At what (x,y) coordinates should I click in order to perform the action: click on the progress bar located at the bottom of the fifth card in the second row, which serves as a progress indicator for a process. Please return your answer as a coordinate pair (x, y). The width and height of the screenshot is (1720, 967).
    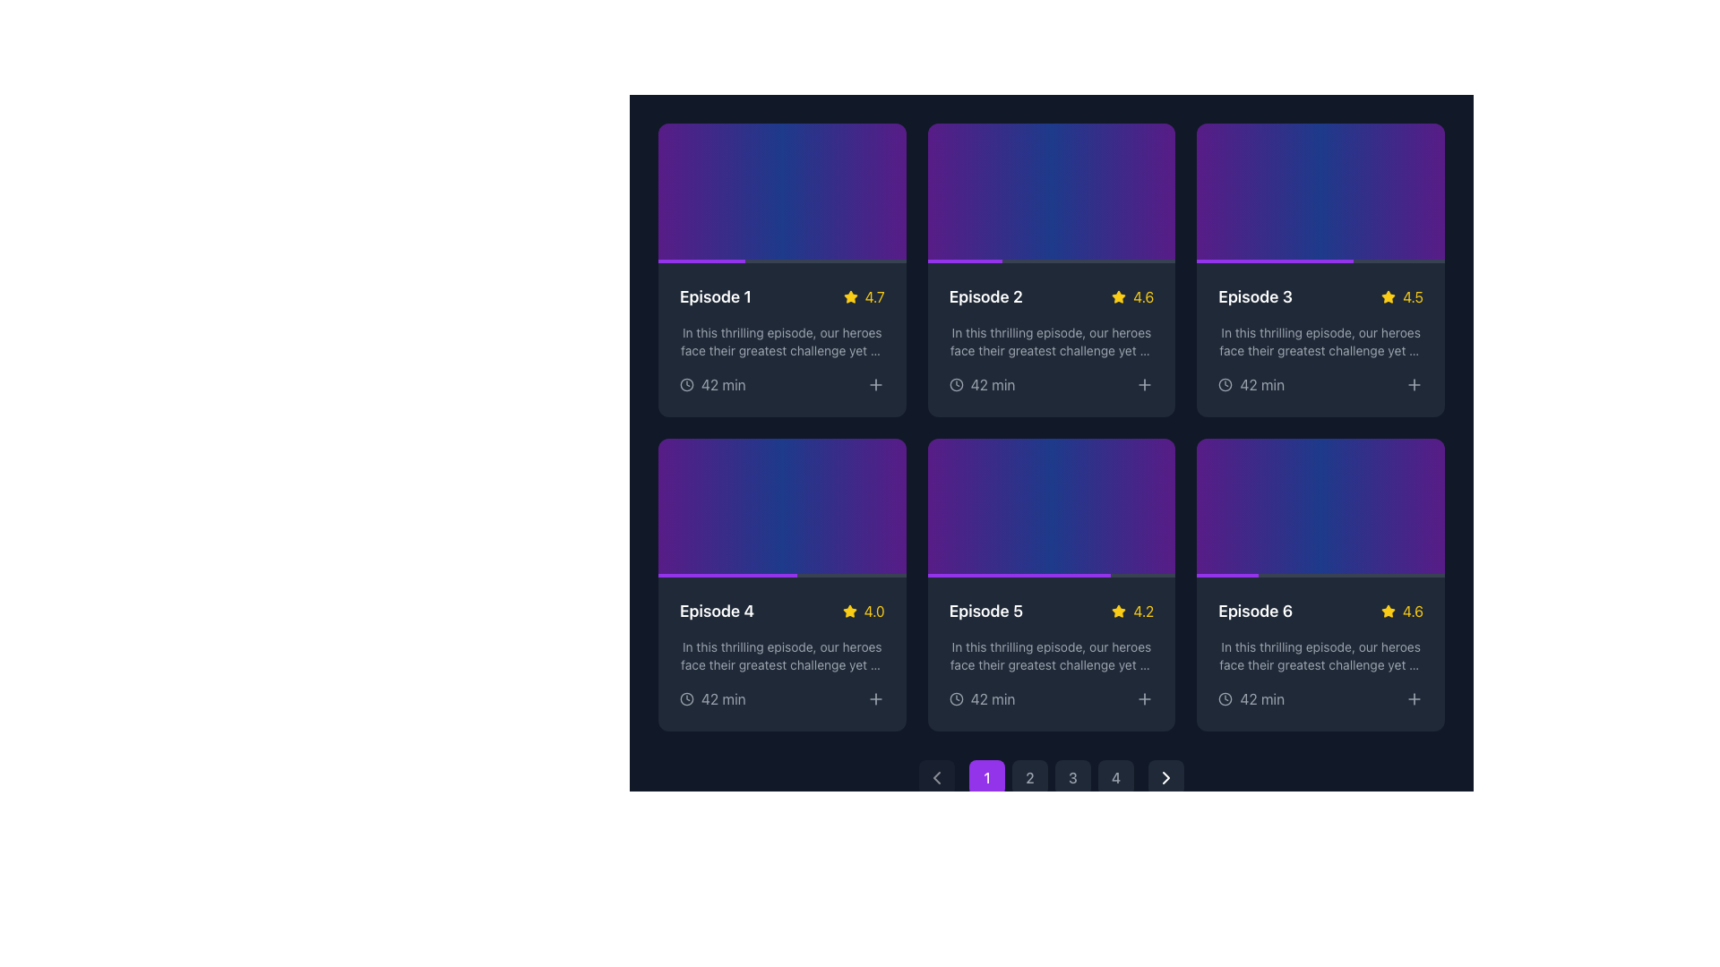
    Looking at the image, I should click on (1052, 576).